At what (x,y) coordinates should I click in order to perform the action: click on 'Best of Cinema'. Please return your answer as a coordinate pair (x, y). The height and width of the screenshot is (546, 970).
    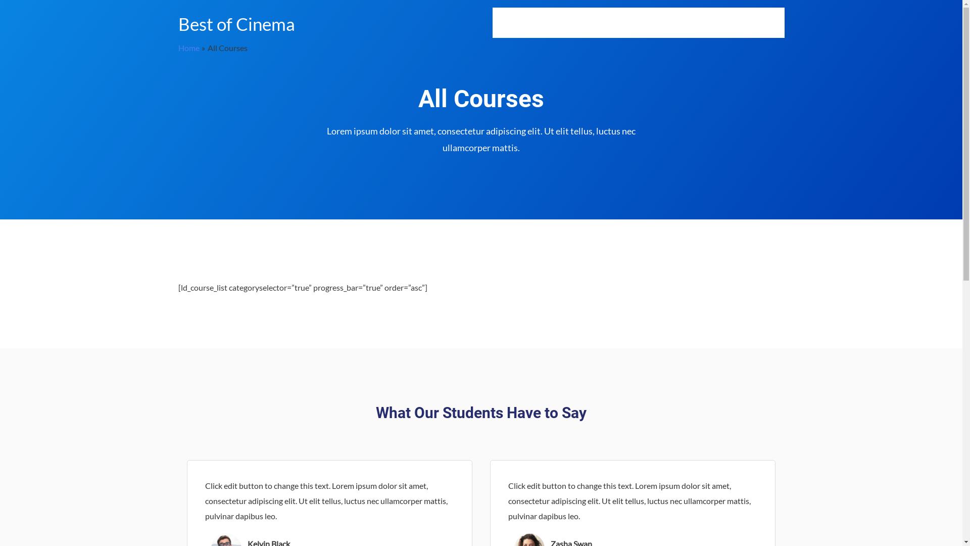
    Looking at the image, I should click on (235, 23).